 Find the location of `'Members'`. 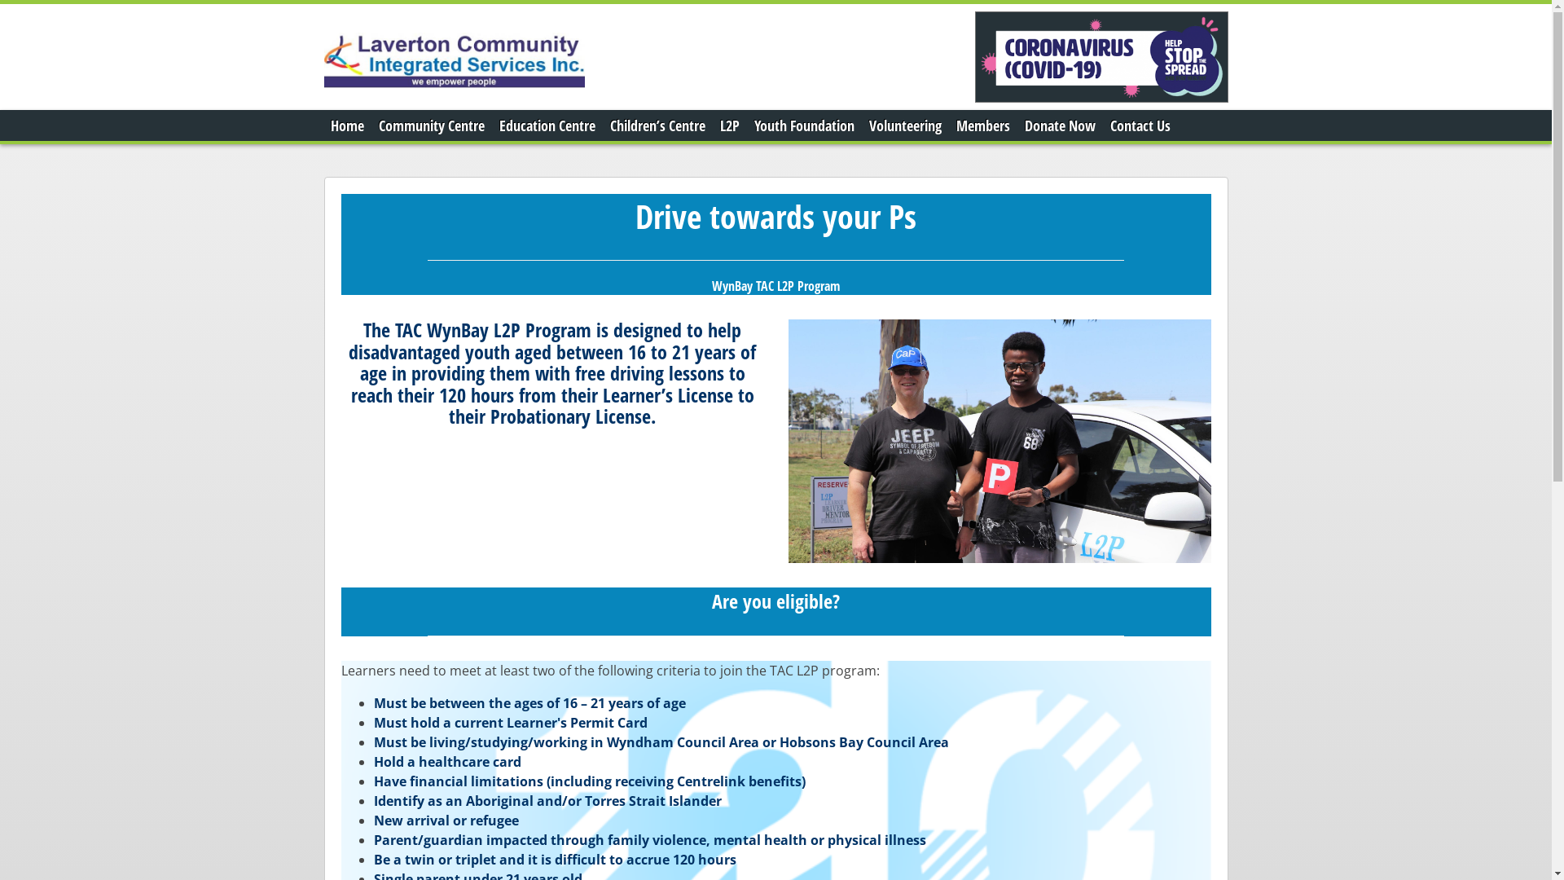

'Members' is located at coordinates (982, 125).